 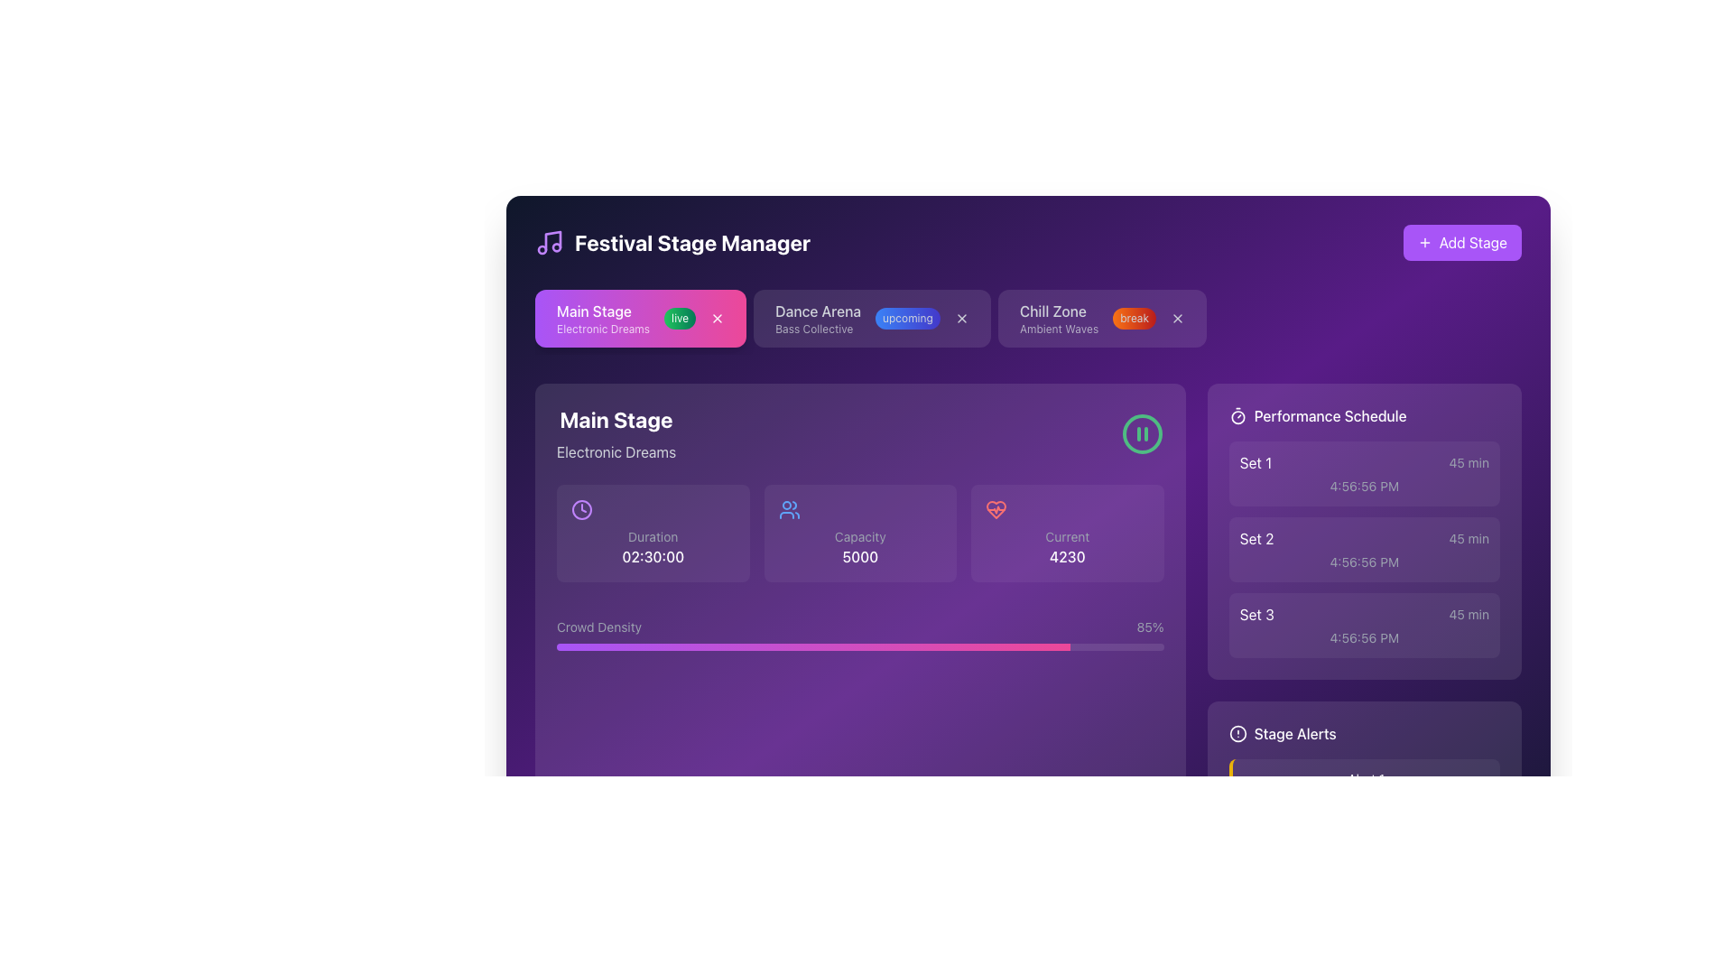 What do you see at coordinates (1364, 538) in the screenshot?
I see `displayed information from the second entry in the 'Performance Schedule' section, which shows the set name and its duration, located between 'Set 1' and 'Set 3'` at bounding box center [1364, 538].